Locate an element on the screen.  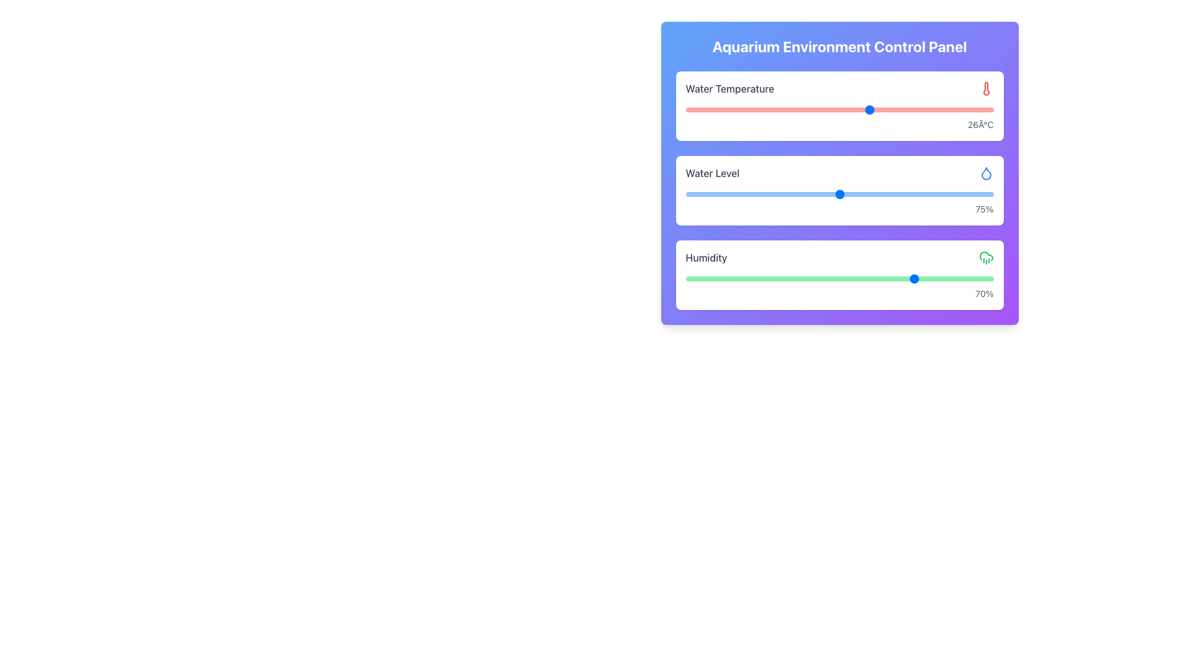
the green cloud icon with rain droplets located at the far right of the 'Humidity' section in the 'Aquarium Environment Control Panel' is located at coordinates (985, 257).